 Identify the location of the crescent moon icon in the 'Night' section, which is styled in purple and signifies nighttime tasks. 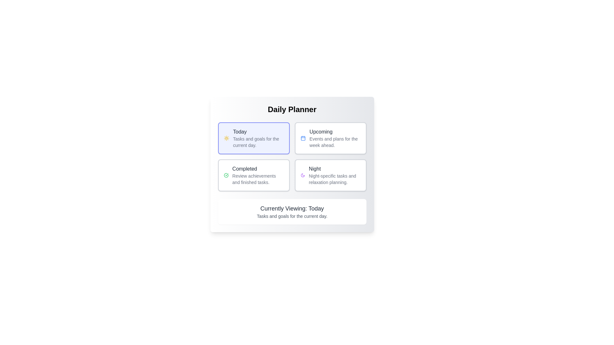
(302, 175).